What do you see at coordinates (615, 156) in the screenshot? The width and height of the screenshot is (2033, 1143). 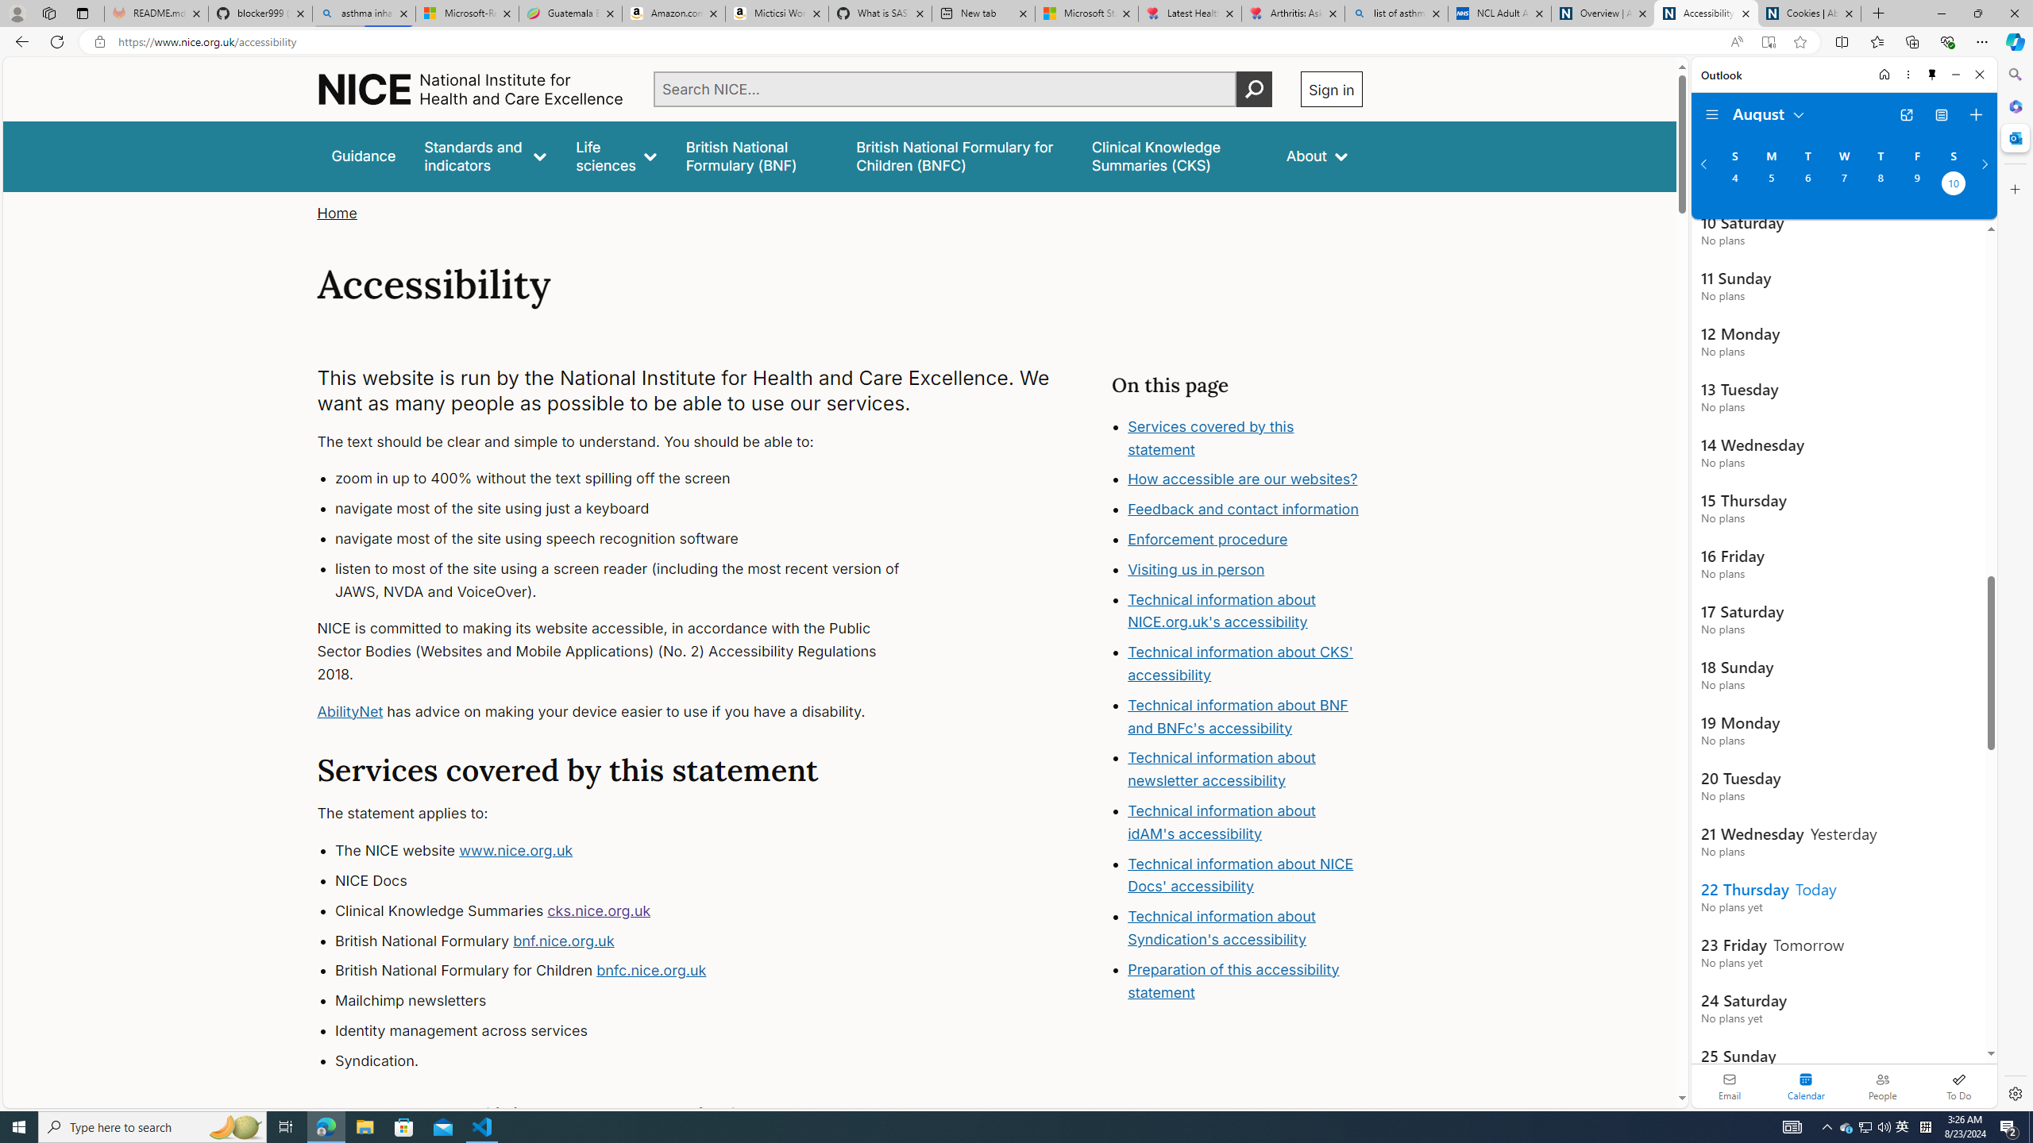 I see `'Life sciences'` at bounding box center [615, 156].